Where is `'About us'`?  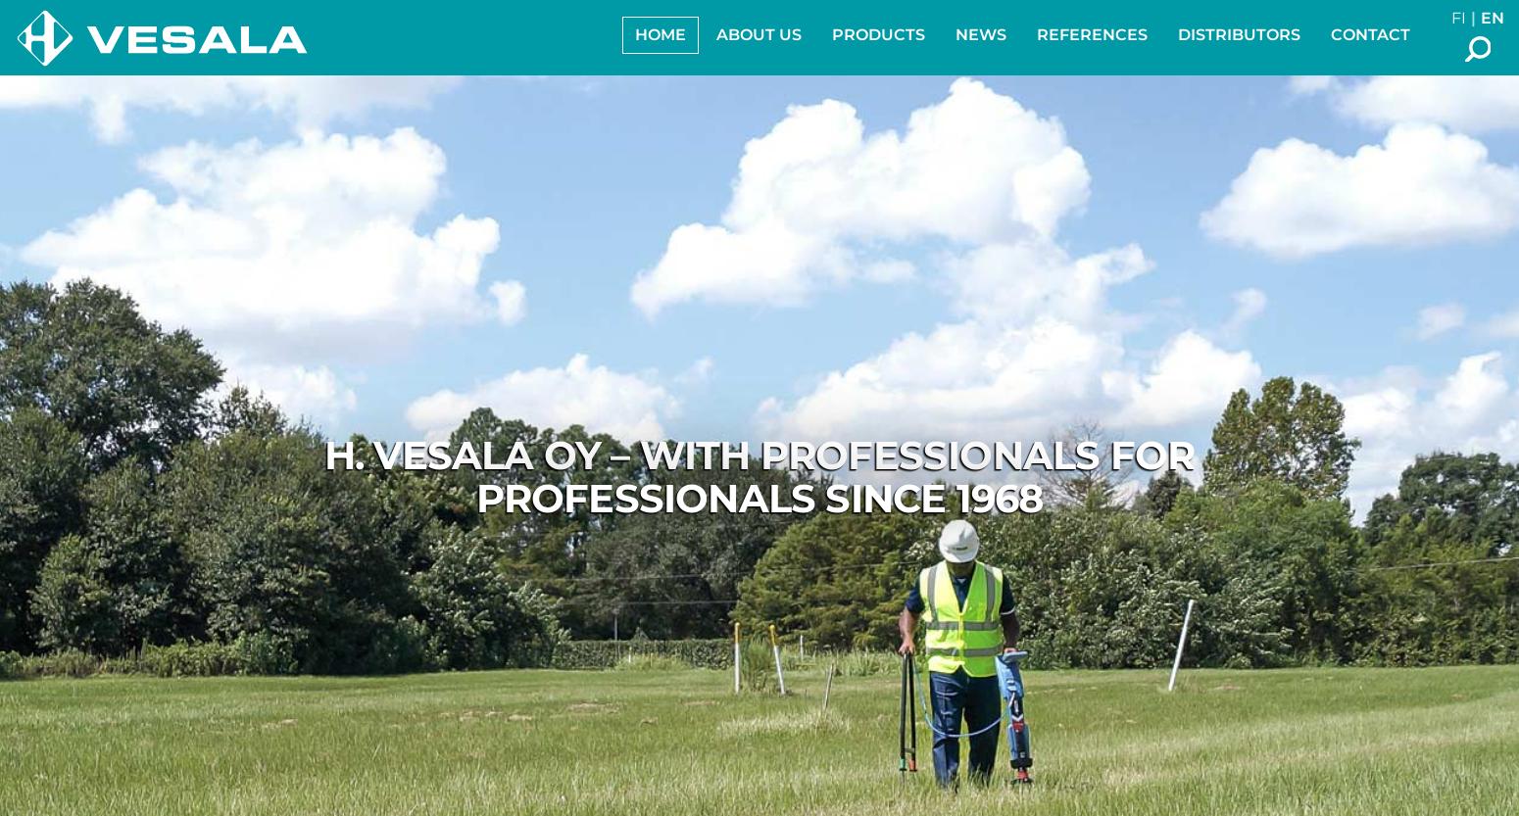
'About us' is located at coordinates (759, 34).